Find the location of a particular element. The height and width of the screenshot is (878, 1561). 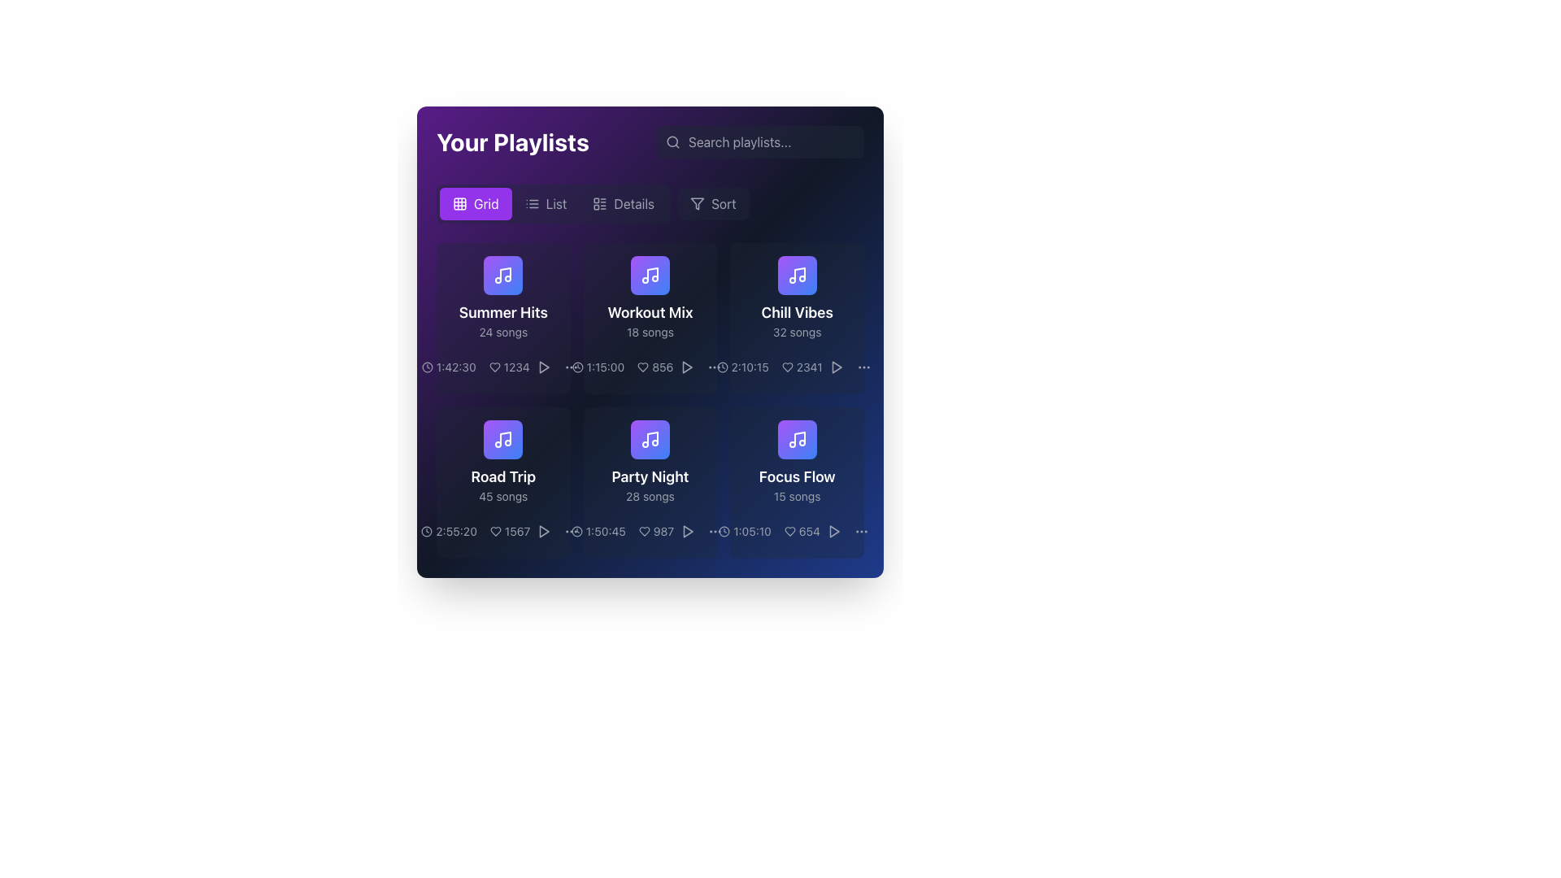

the time icon located in the first entry of the playlist, adjacent to the duration text '1:42:30' under the title 'Summer Hits' is located at coordinates (427, 367).